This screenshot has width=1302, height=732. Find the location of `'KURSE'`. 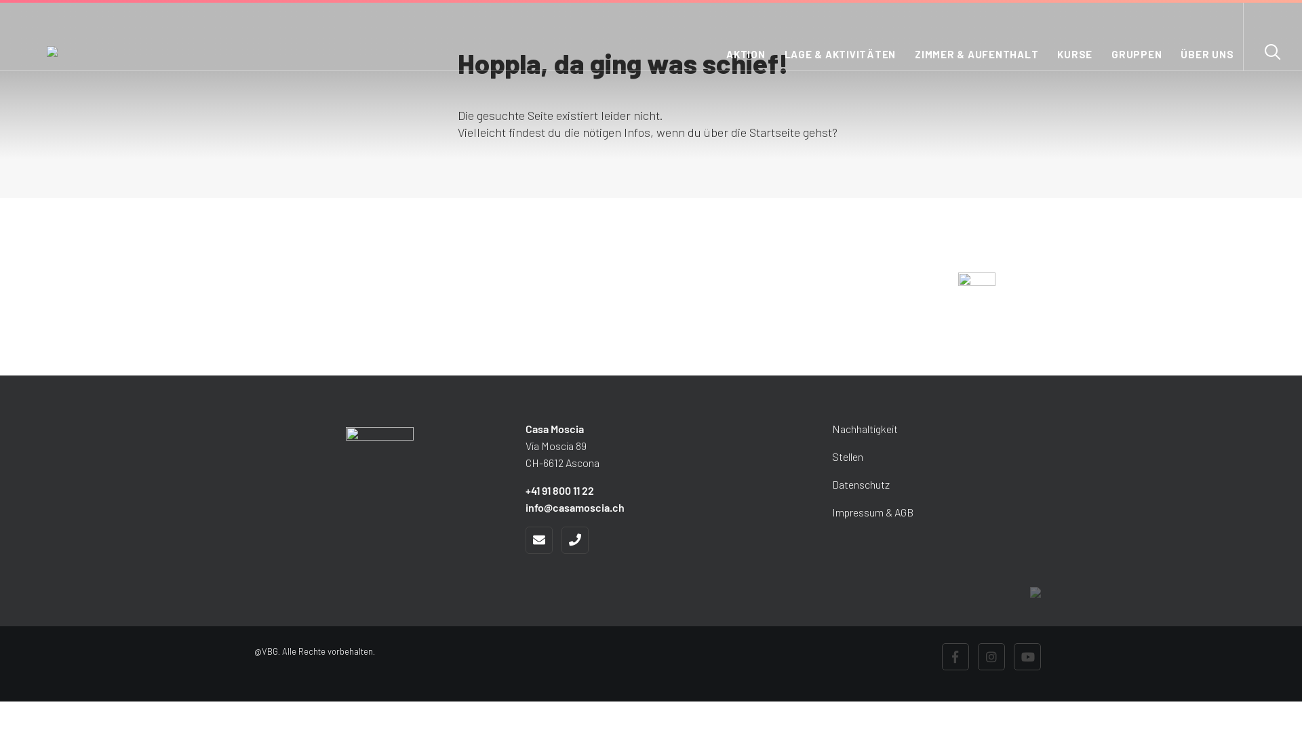

'KURSE' is located at coordinates (1073, 59).